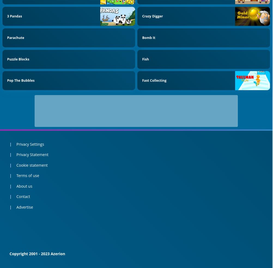 The width and height of the screenshot is (273, 268). I want to click on 'Puzzle Blocks', so click(18, 59).